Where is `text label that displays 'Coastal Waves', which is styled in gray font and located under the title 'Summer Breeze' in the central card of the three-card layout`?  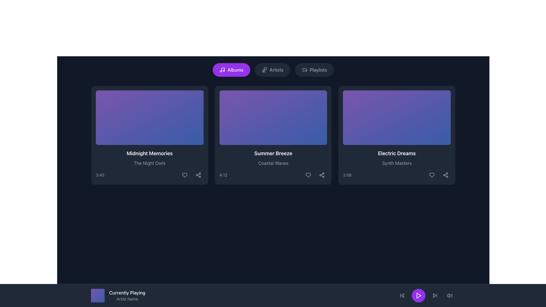
text label that displays 'Coastal Waves', which is styled in gray font and located under the title 'Summer Breeze' in the central card of the three-card layout is located at coordinates (273, 163).